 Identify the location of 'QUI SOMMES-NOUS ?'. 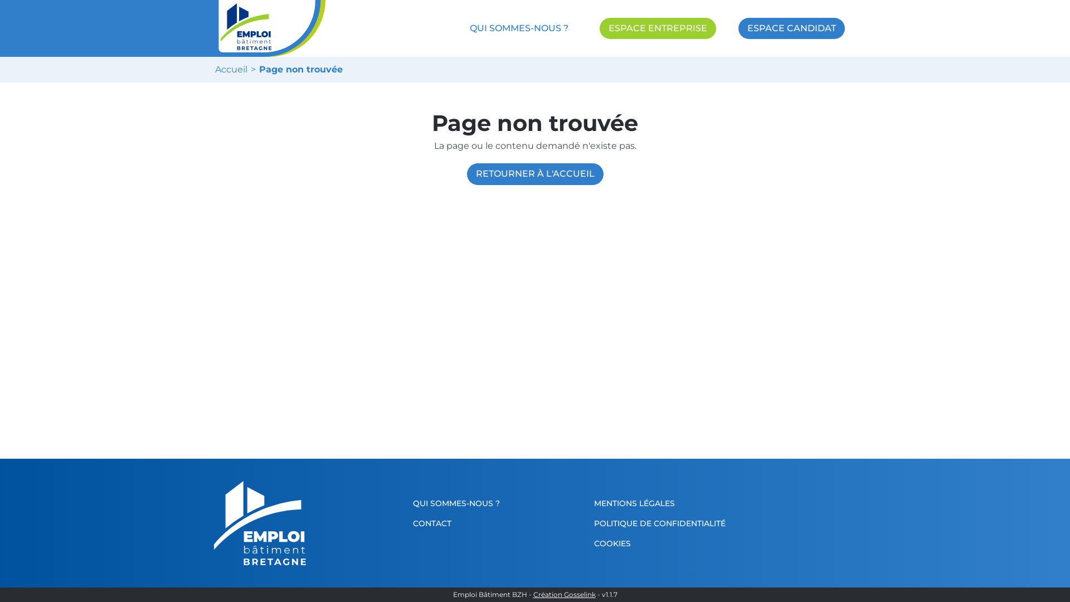
(518, 27).